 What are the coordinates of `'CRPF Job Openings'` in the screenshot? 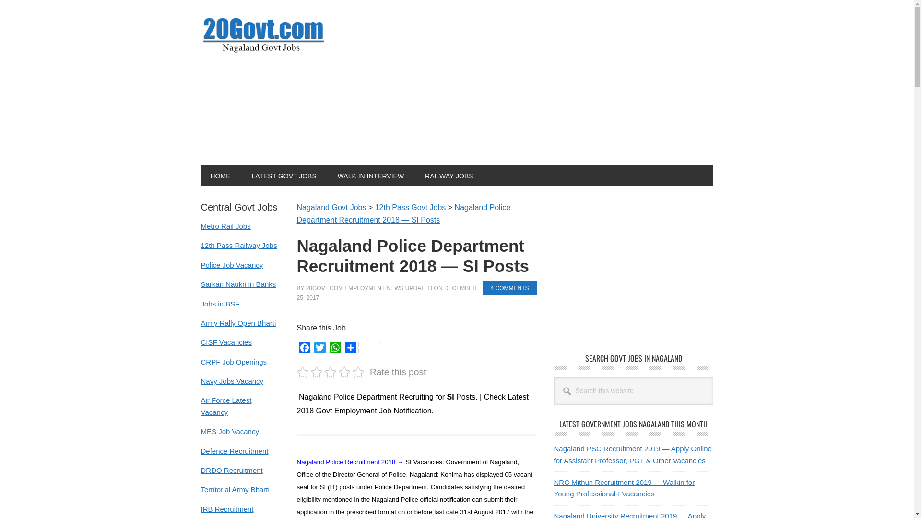 It's located at (233, 362).